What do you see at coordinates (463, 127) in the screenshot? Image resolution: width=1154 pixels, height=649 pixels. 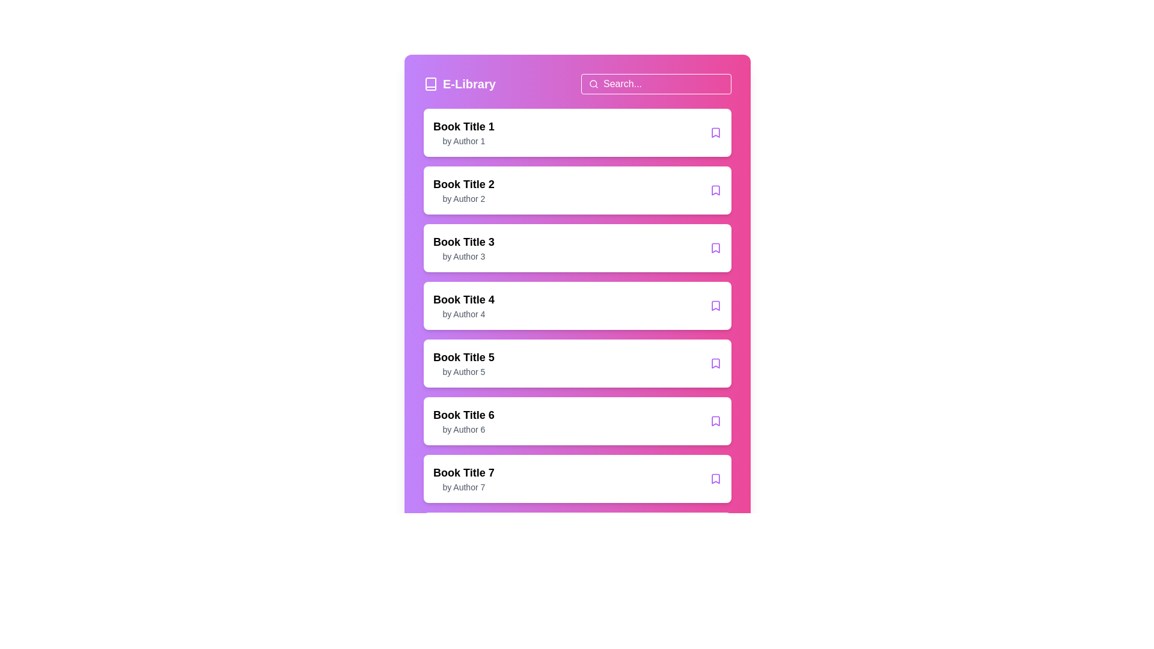 I see `the text label displaying 'Book Title 1', which is the first text in a group and styled with a bold and large font, to select the text` at bounding box center [463, 127].